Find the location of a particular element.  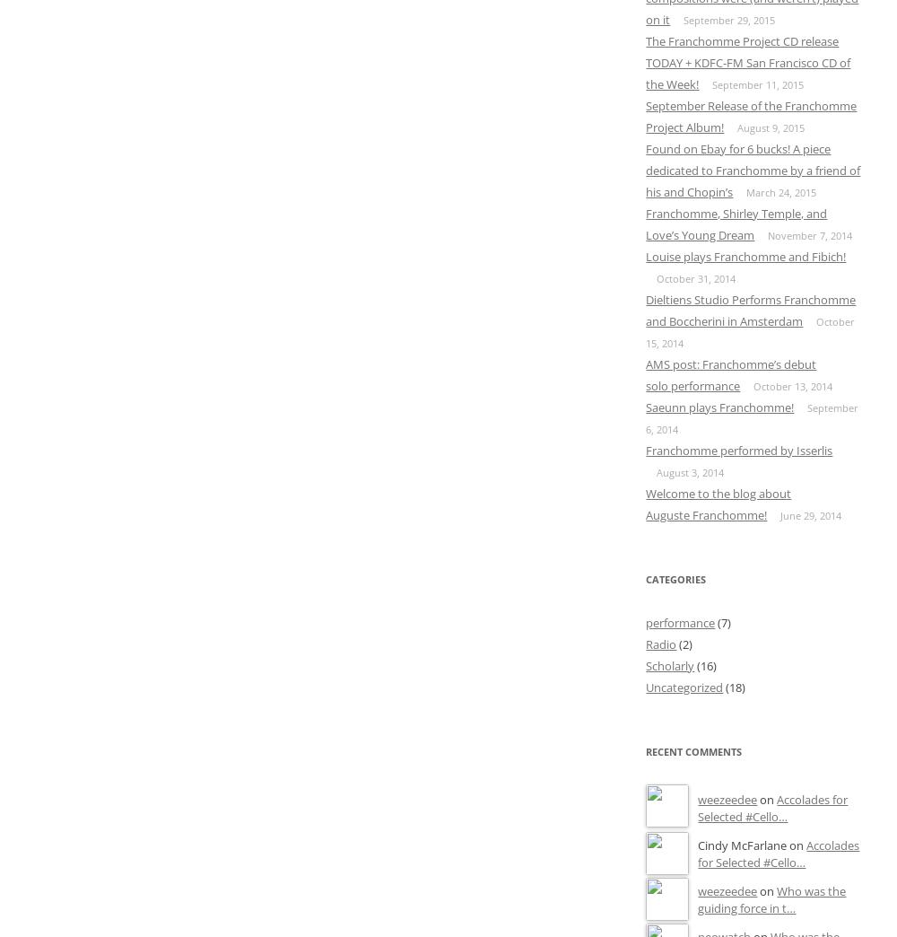

'(18)' is located at coordinates (733, 687).